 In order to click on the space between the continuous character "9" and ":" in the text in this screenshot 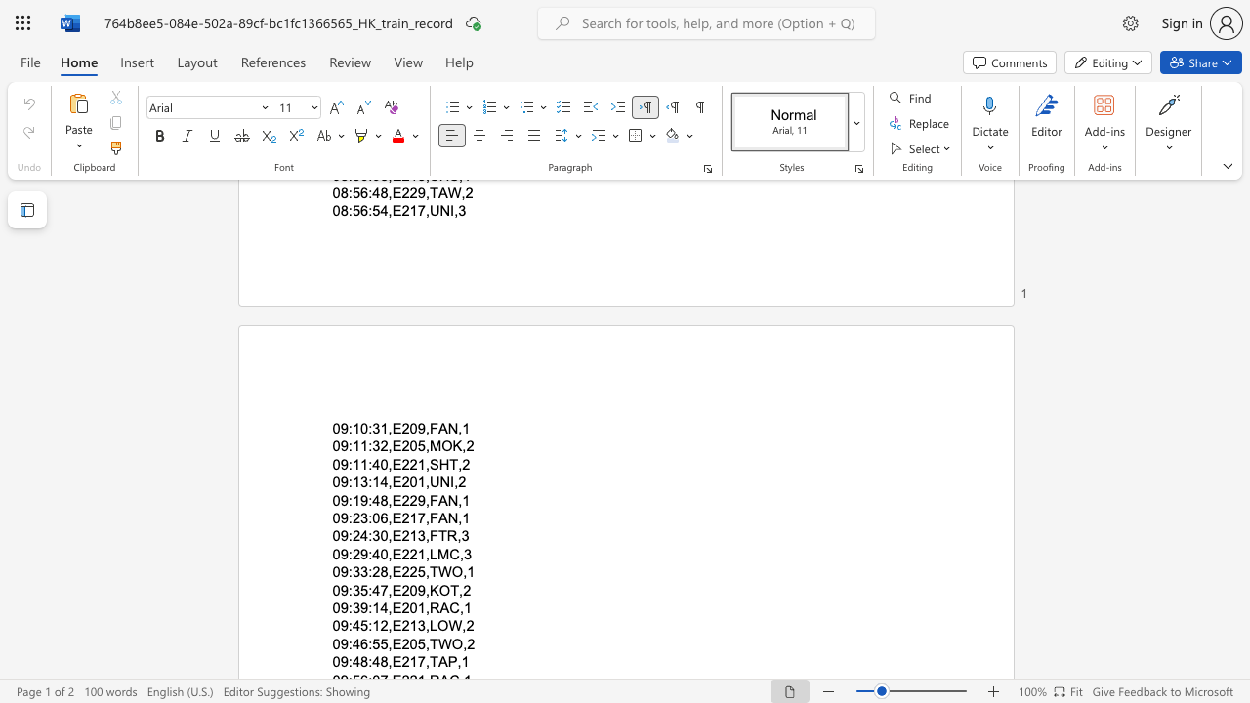, I will do `click(347, 626)`.